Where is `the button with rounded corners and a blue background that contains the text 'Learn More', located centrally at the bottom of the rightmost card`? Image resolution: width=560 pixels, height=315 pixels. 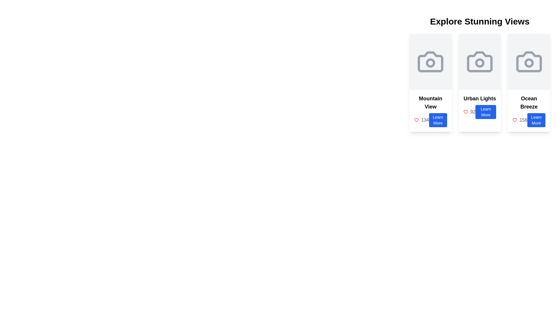 the button with rounded corners and a blue background that contains the text 'Learn More', located centrally at the bottom of the rightmost card is located at coordinates (536, 120).